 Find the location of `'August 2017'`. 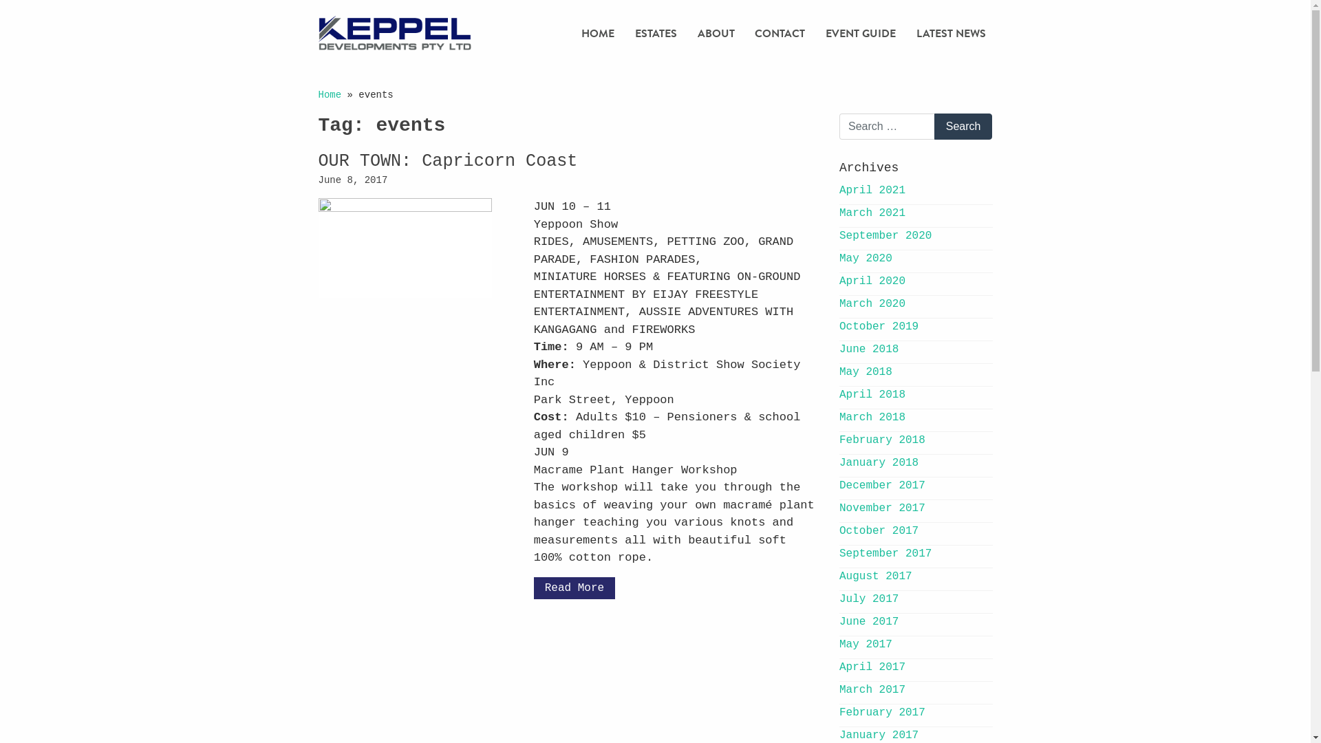

'August 2017' is located at coordinates (838, 576).